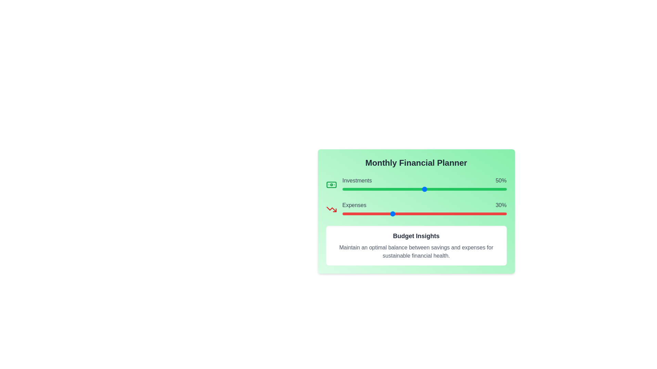 This screenshot has width=657, height=369. Describe the element at coordinates (419, 189) in the screenshot. I see `the 'Investments' slider to set its value to 47%` at that location.